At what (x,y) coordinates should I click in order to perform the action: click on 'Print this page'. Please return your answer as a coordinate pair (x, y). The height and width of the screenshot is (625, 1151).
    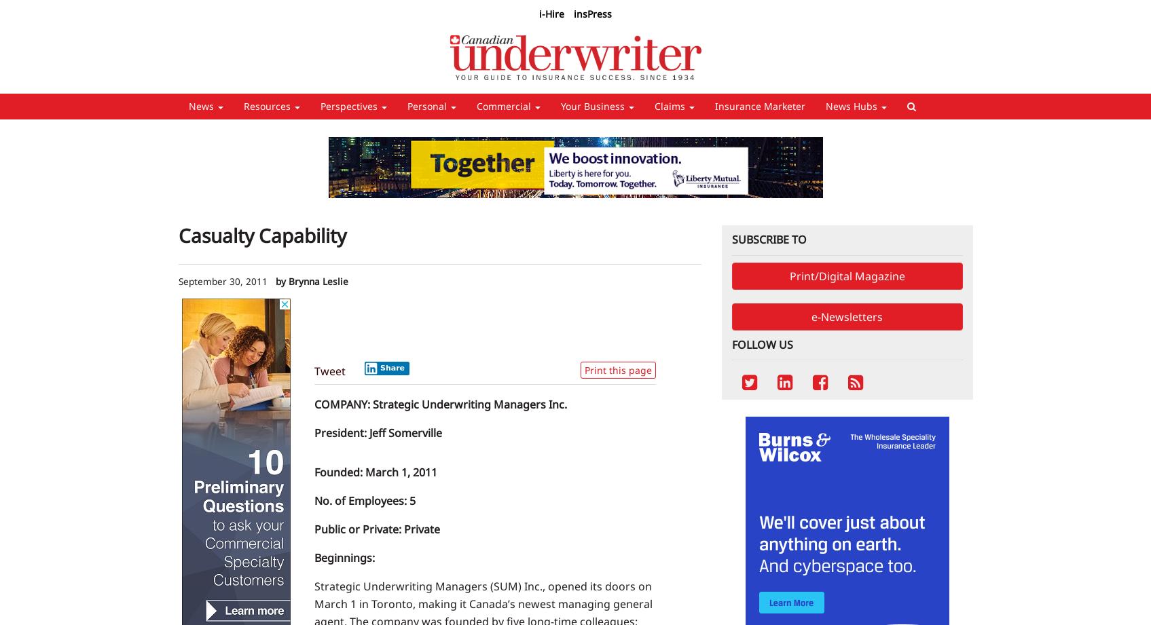
    Looking at the image, I should click on (617, 368).